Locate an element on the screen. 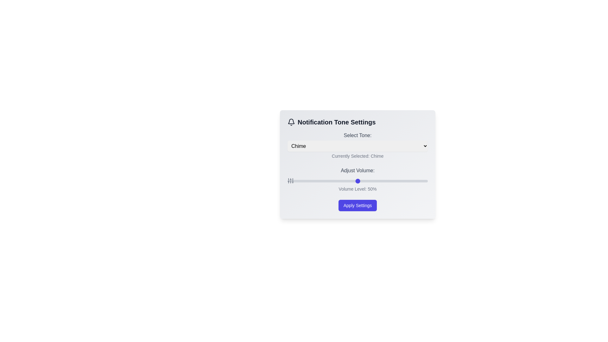  the volume is located at coordinates (374, 181).